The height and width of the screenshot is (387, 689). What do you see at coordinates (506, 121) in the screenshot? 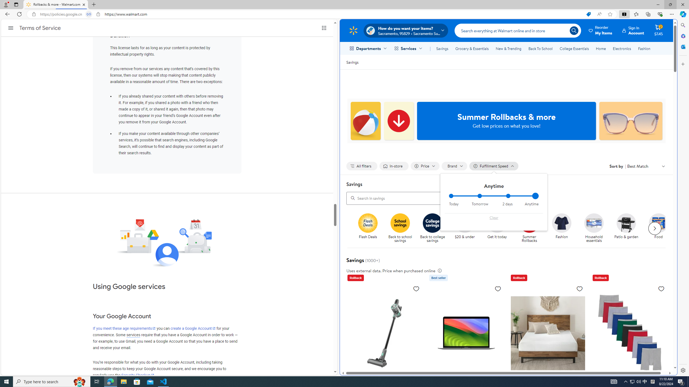
I see `'Summer Rollbacks & more Get low prices on what you love!'` at bounding box center [506, 121].